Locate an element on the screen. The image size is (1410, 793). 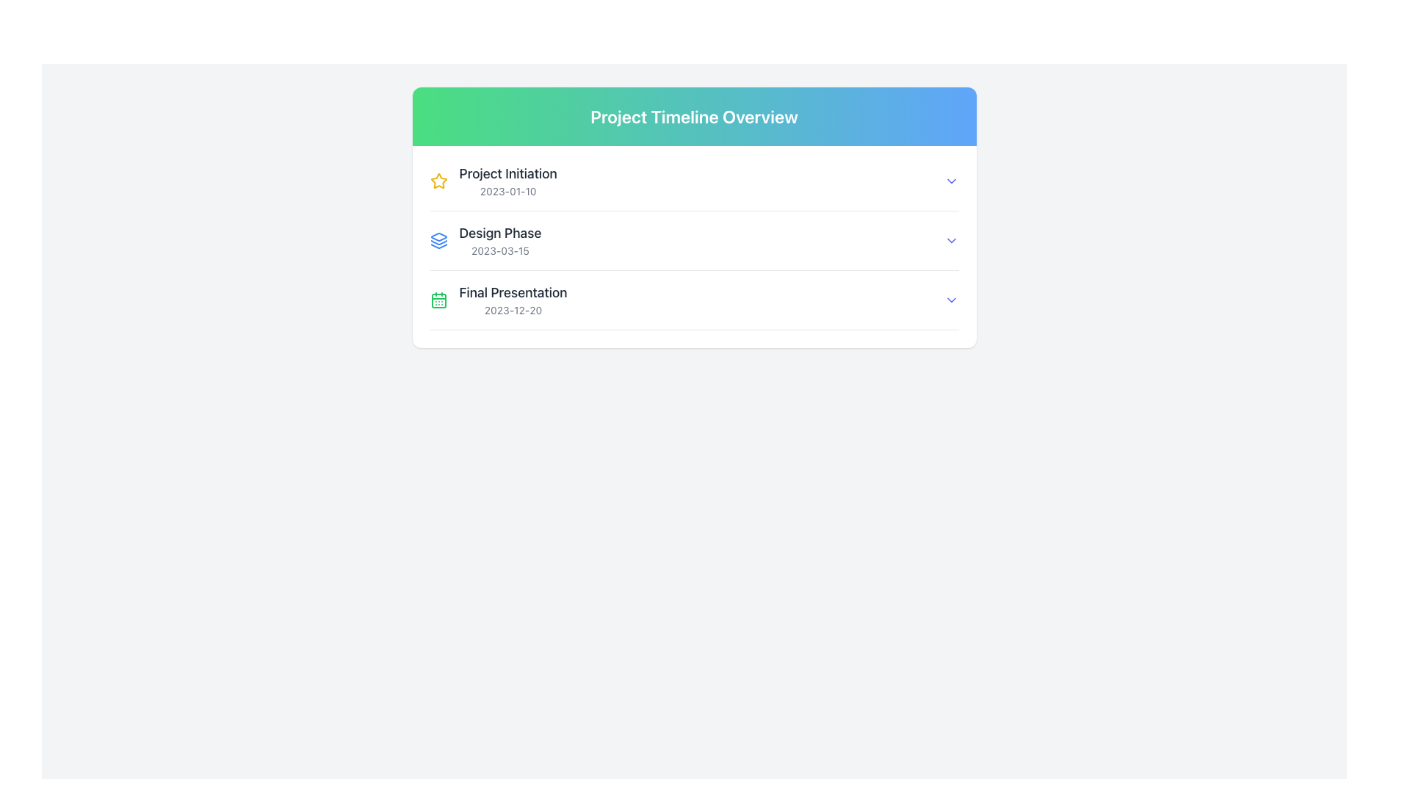
the first list item under 'Project Timeline Overview' that features a star icon and displays 'Project Initiation' with the date '2023-01-10' is located at coordinates (493, 180).